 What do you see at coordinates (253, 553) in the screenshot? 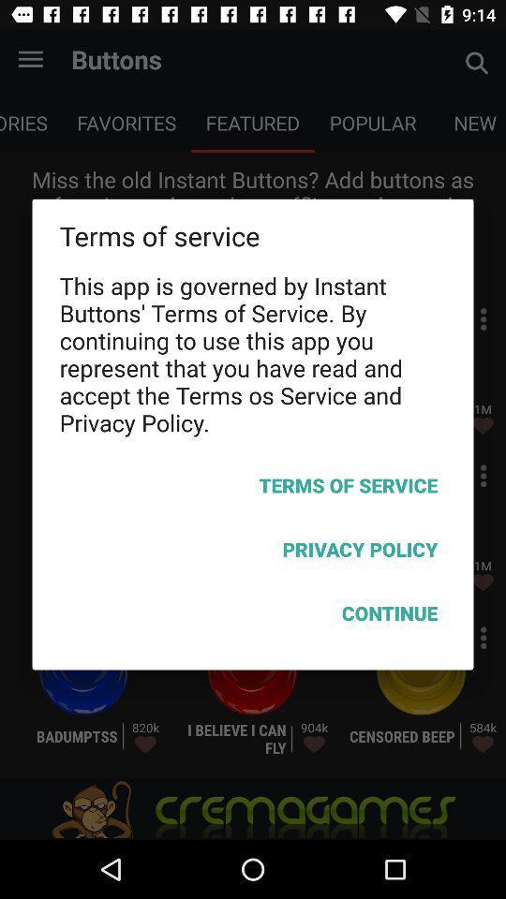
I see `the privacy policy icon` at bounding box center [253, 553].